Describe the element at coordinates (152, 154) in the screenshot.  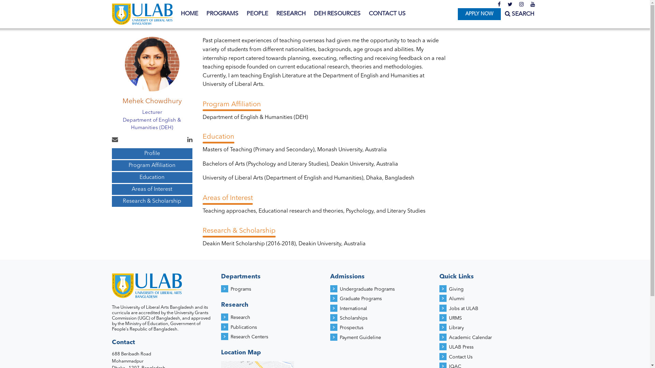
I see `'Profile'` at that location.